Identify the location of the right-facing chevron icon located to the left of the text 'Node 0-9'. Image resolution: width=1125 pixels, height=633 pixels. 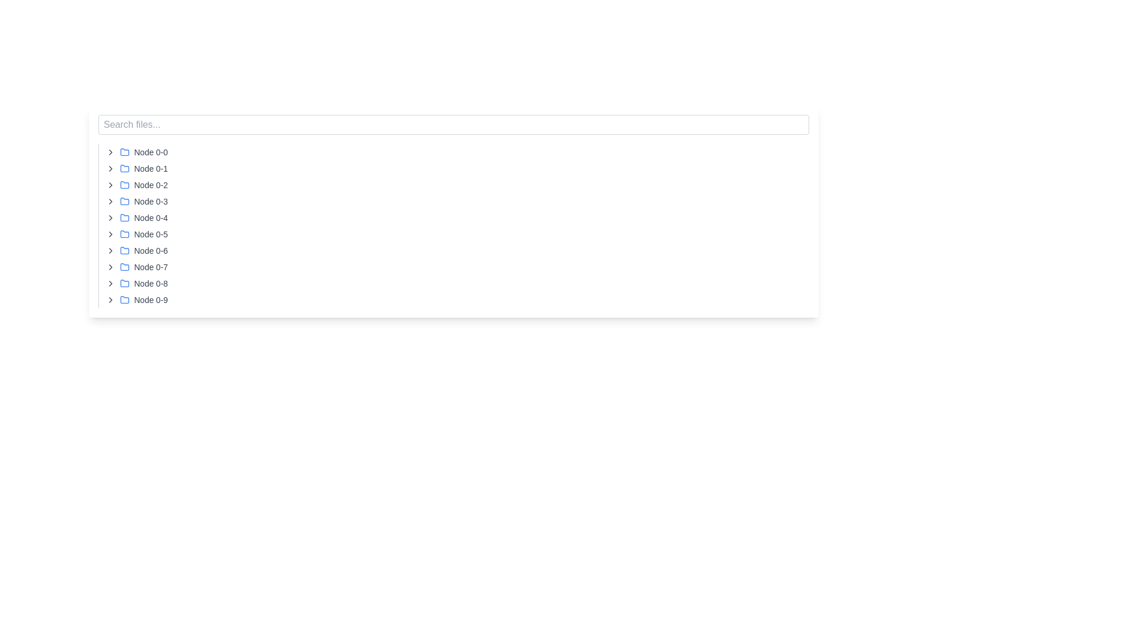
(110, 300).